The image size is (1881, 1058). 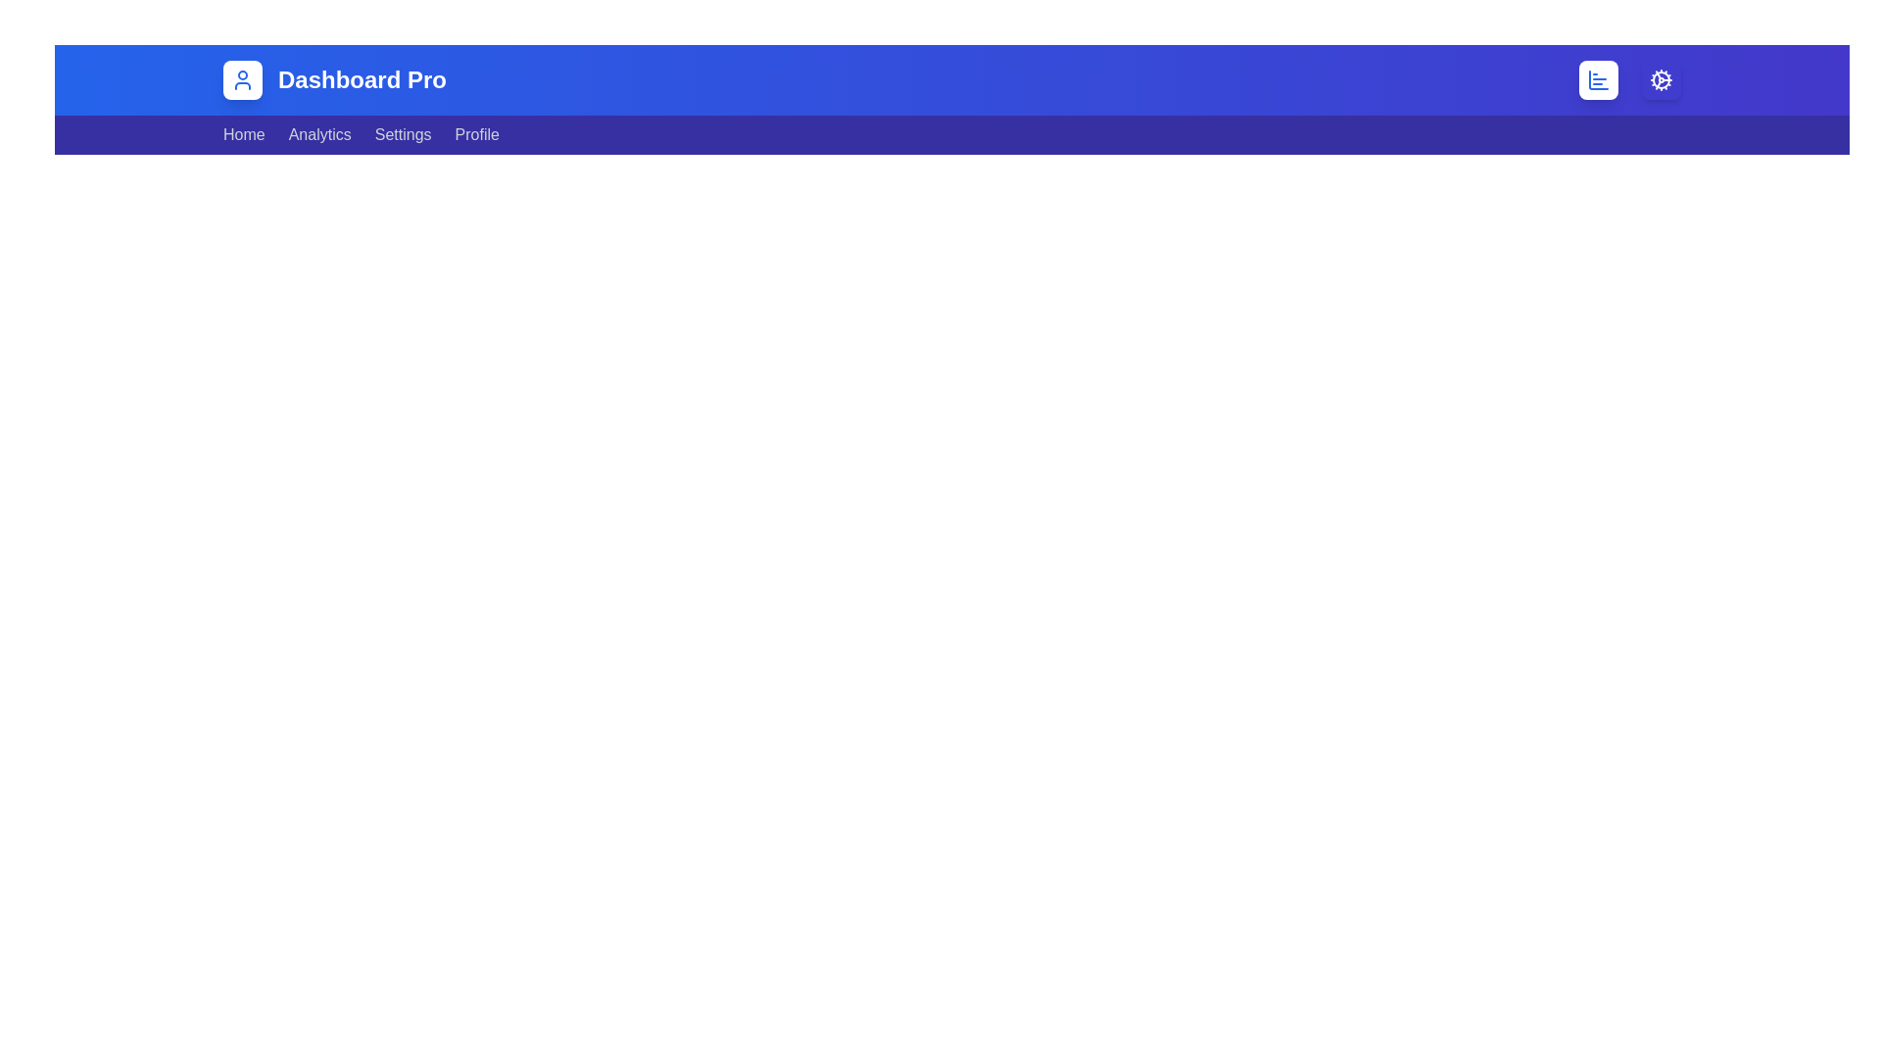 I want to click on the Settings navigation bar item, so click(x=403, y=134).